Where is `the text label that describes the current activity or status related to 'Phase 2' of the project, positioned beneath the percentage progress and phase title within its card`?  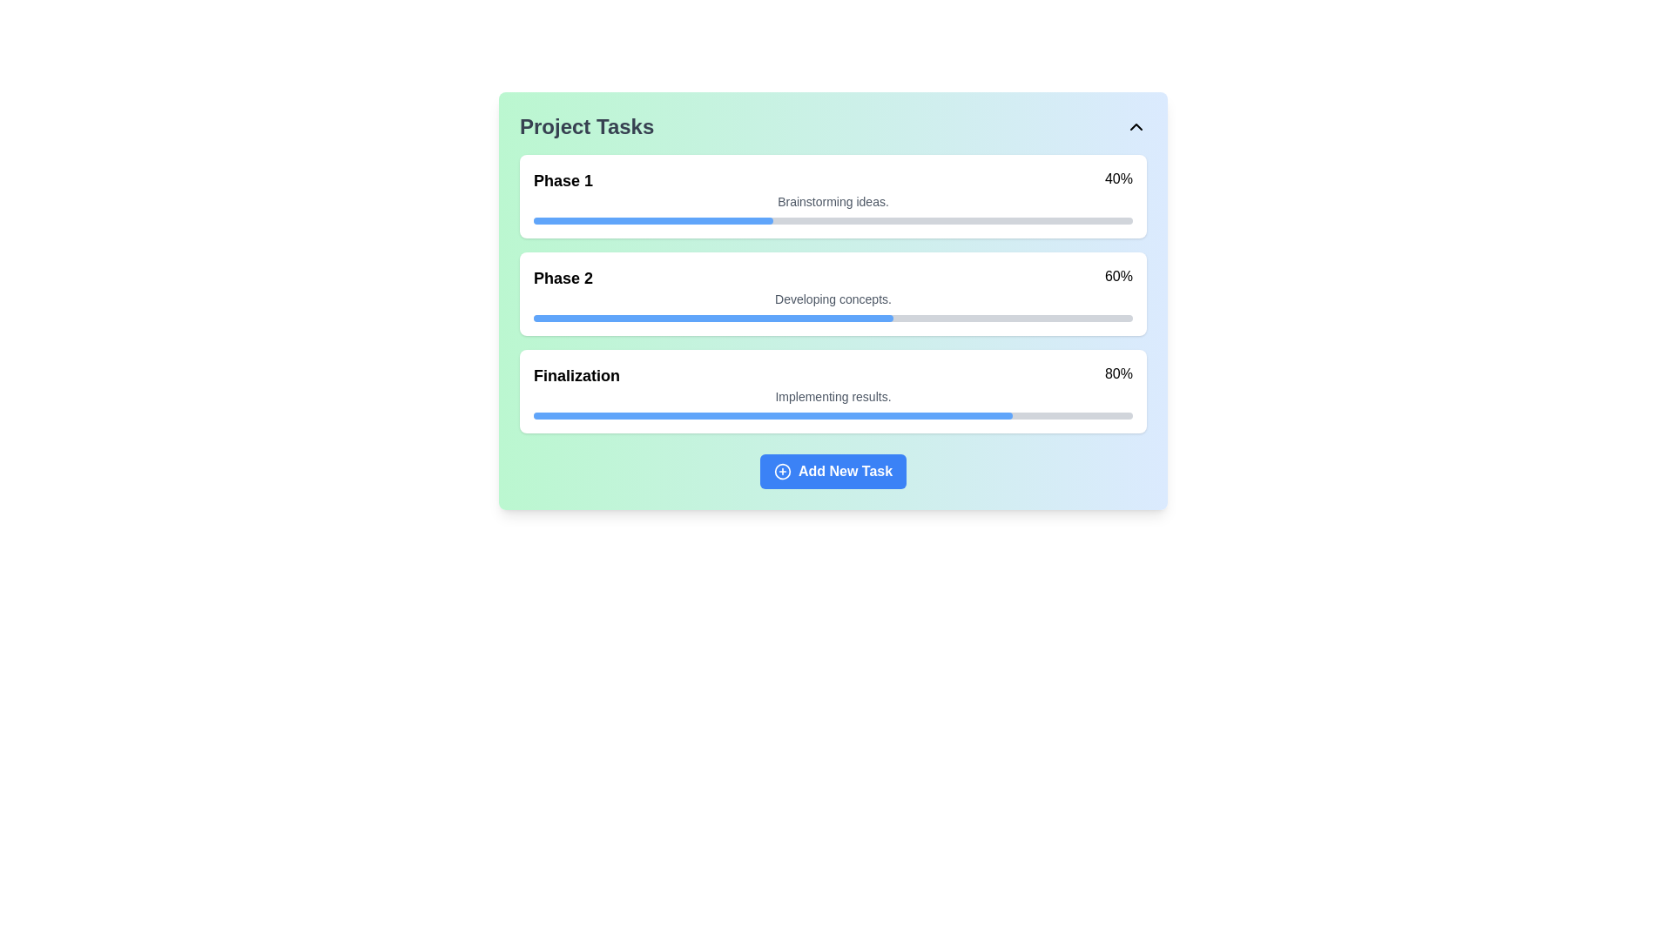 the text label that describes the current activity or status related to 'Phase 2' of the project, positioned beneath the percentage progress and phase title within its card is located at coordinates (832, 298).